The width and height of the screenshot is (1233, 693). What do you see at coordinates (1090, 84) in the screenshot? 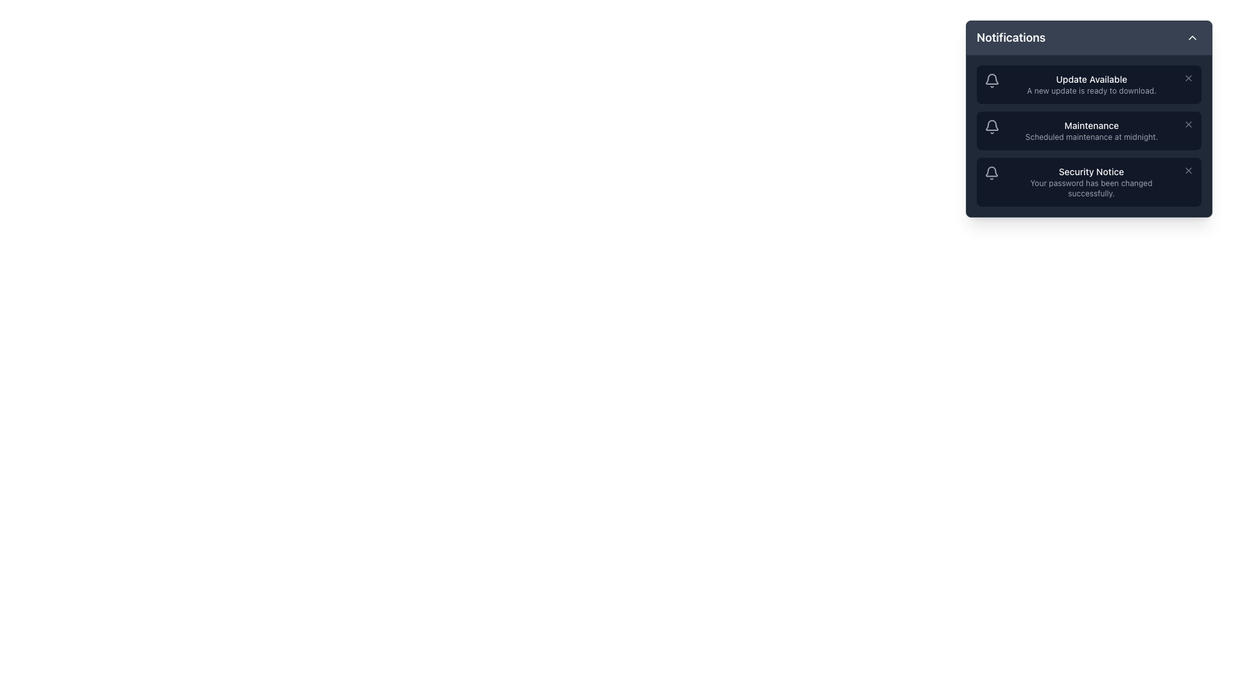
I see `information displayed in the text block within the first notification card under the header 'Notifications', located to the right of the bell icon` at bounding box center [1090, 84].